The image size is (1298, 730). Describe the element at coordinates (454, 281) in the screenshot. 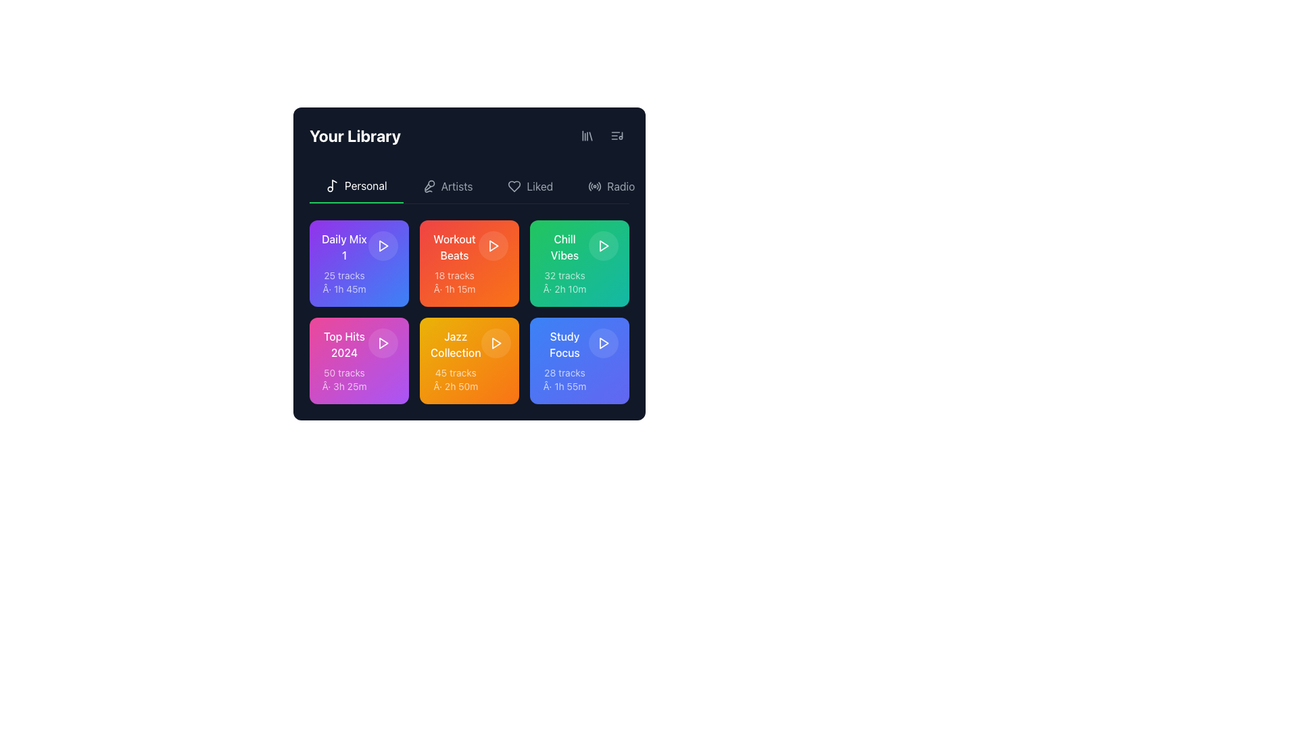

I see `the text label displaying '18 tracks · 1h 15m' which is located beneath the title 'Workout Beats' in the orange block` at that location.